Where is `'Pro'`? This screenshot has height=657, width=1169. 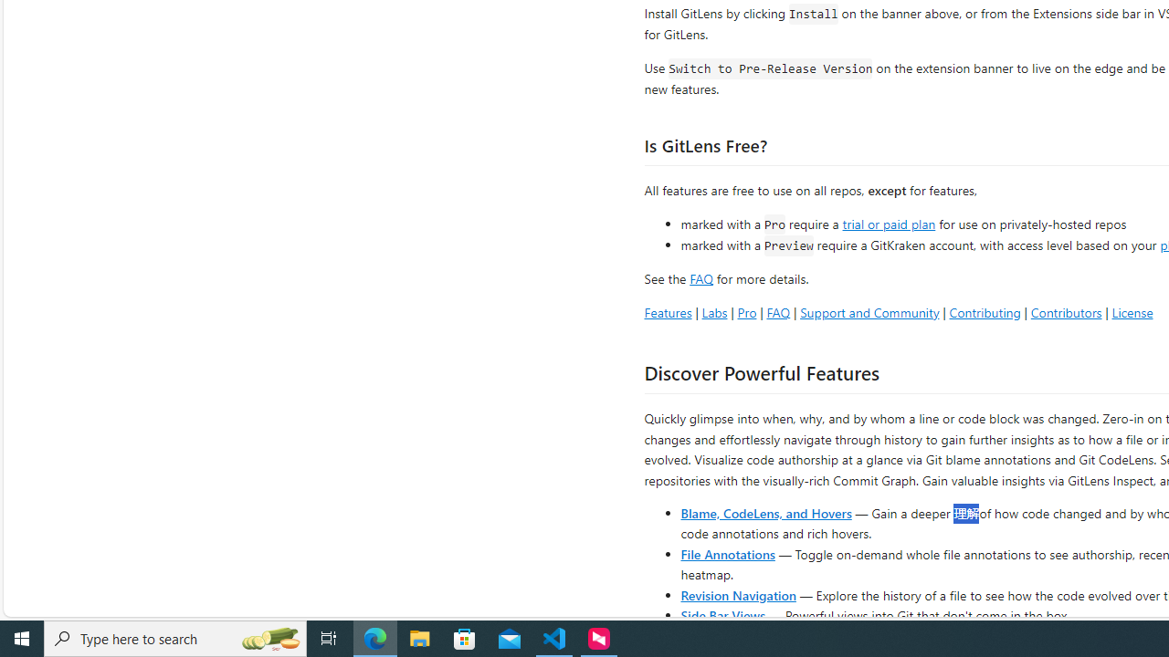
'Pro' is located at coordinates (746, 311).